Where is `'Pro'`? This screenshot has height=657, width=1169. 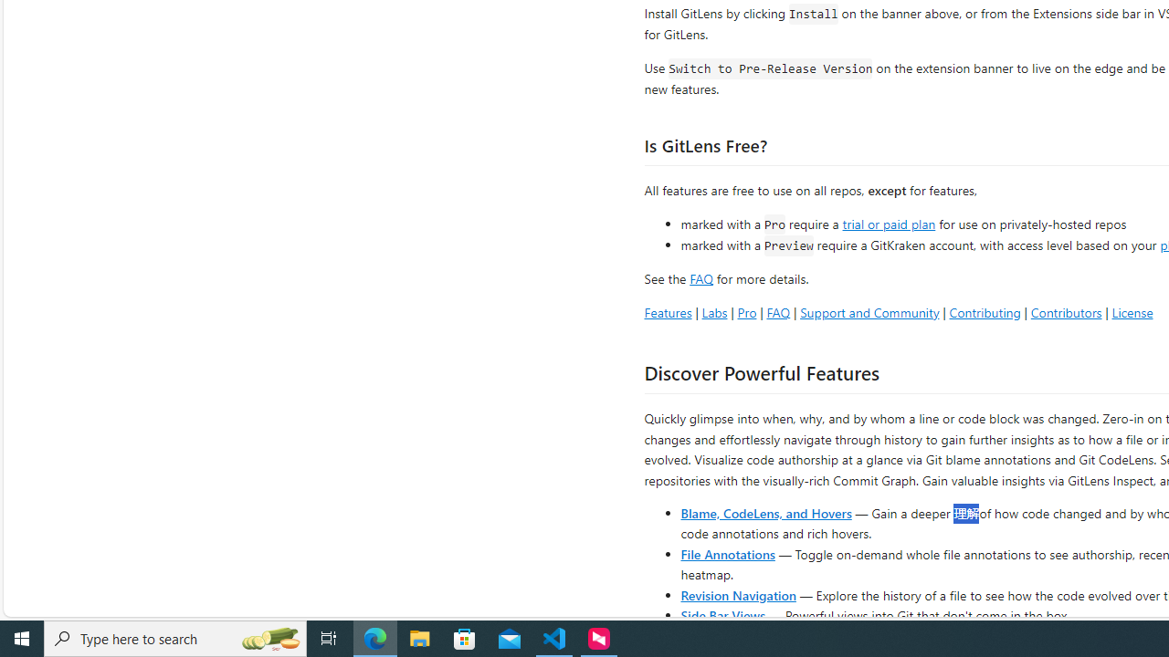
'Pro' is located at coordinates (746, 311).